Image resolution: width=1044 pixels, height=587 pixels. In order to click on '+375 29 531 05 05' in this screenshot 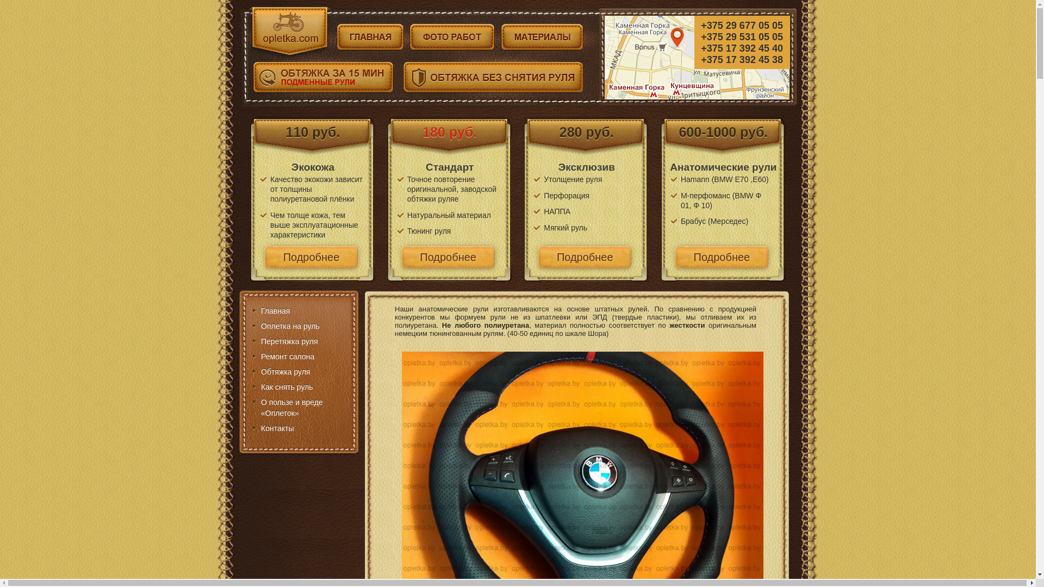, I will do `click(741, 36)`.